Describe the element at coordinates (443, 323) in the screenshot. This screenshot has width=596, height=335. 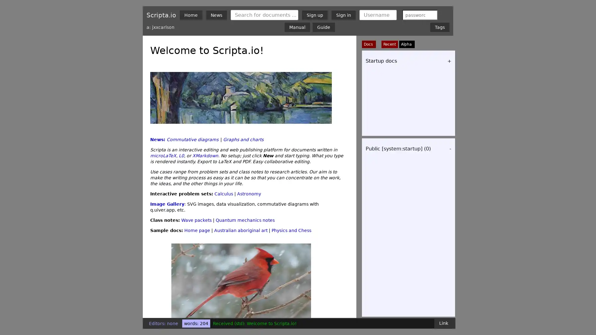
I see `Link External link to public document` at that location.